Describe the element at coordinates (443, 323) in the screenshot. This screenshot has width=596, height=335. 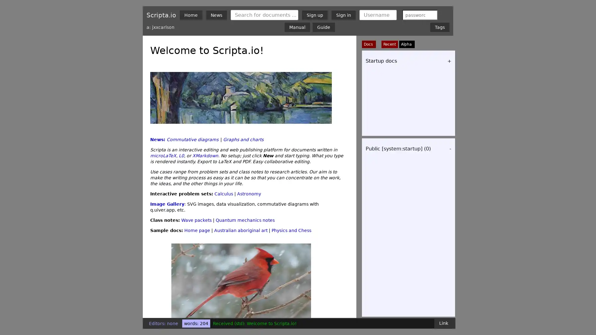
I see `Link External link to public document` at that location.